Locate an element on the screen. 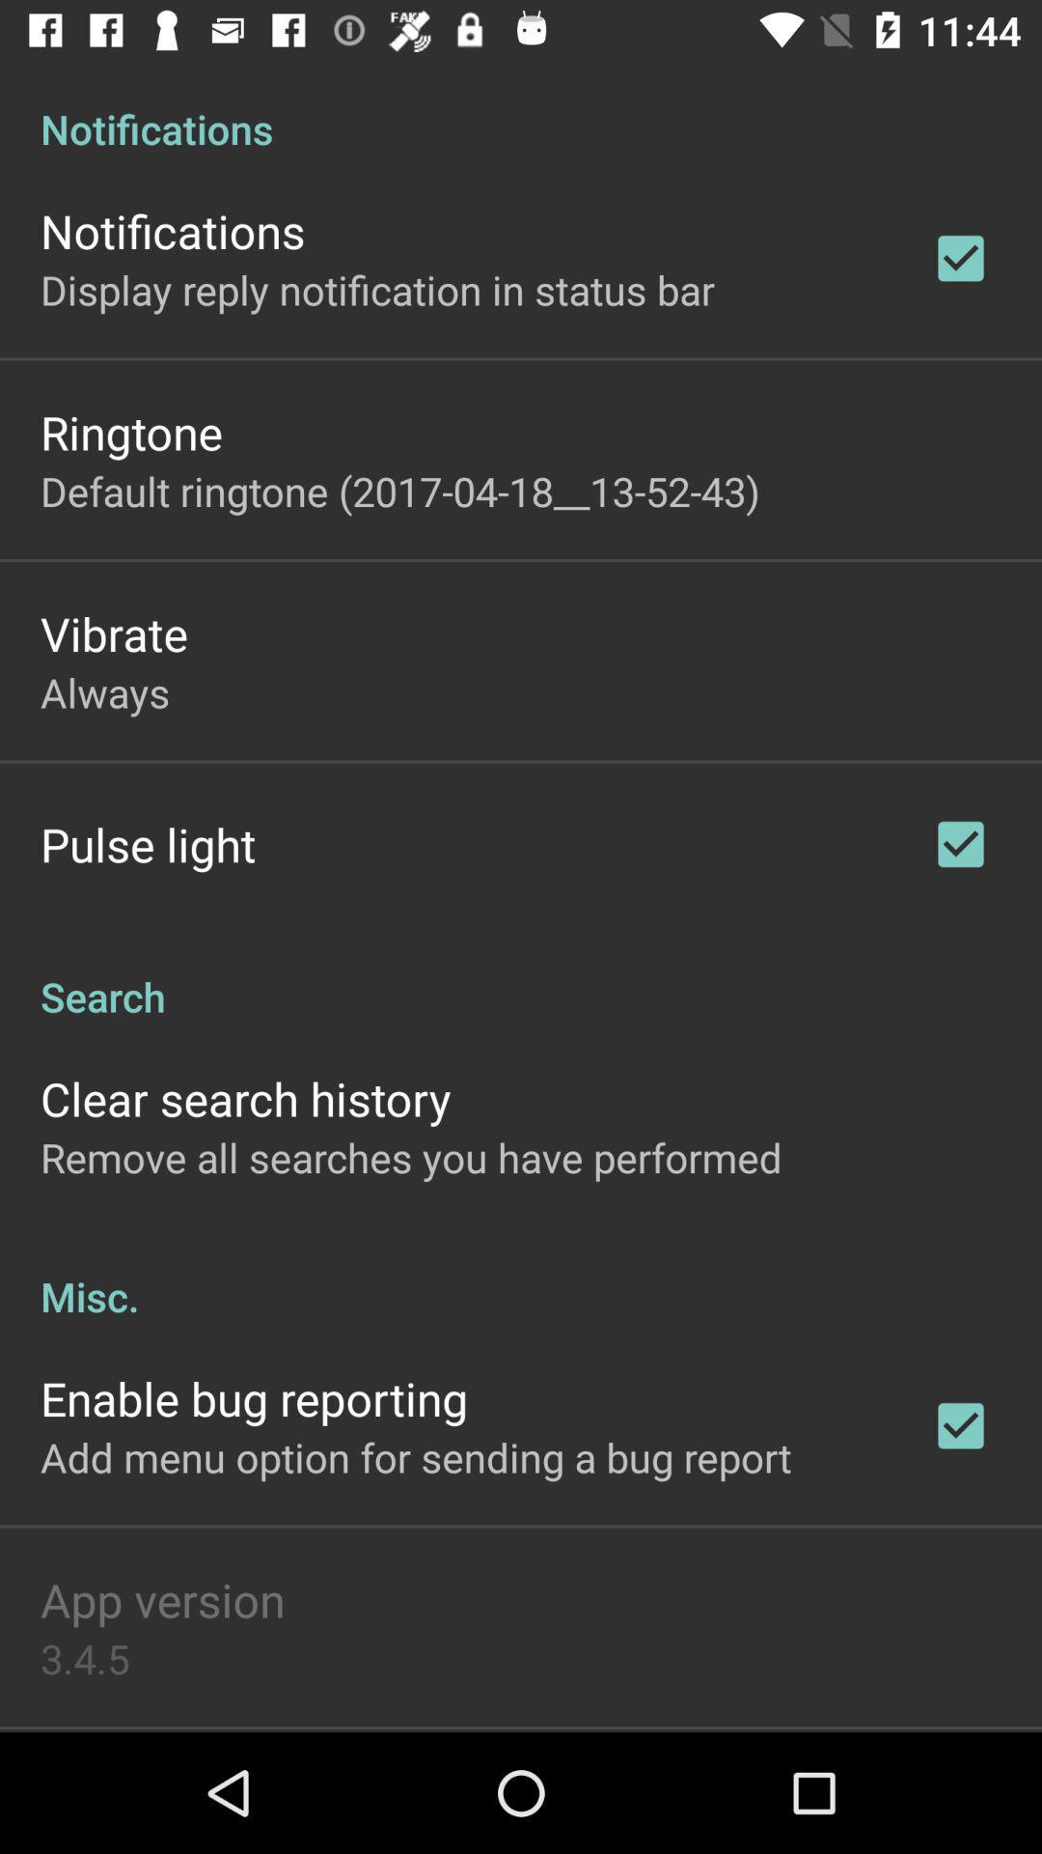  item below the add menu option is located at coordinates (161, 1599).